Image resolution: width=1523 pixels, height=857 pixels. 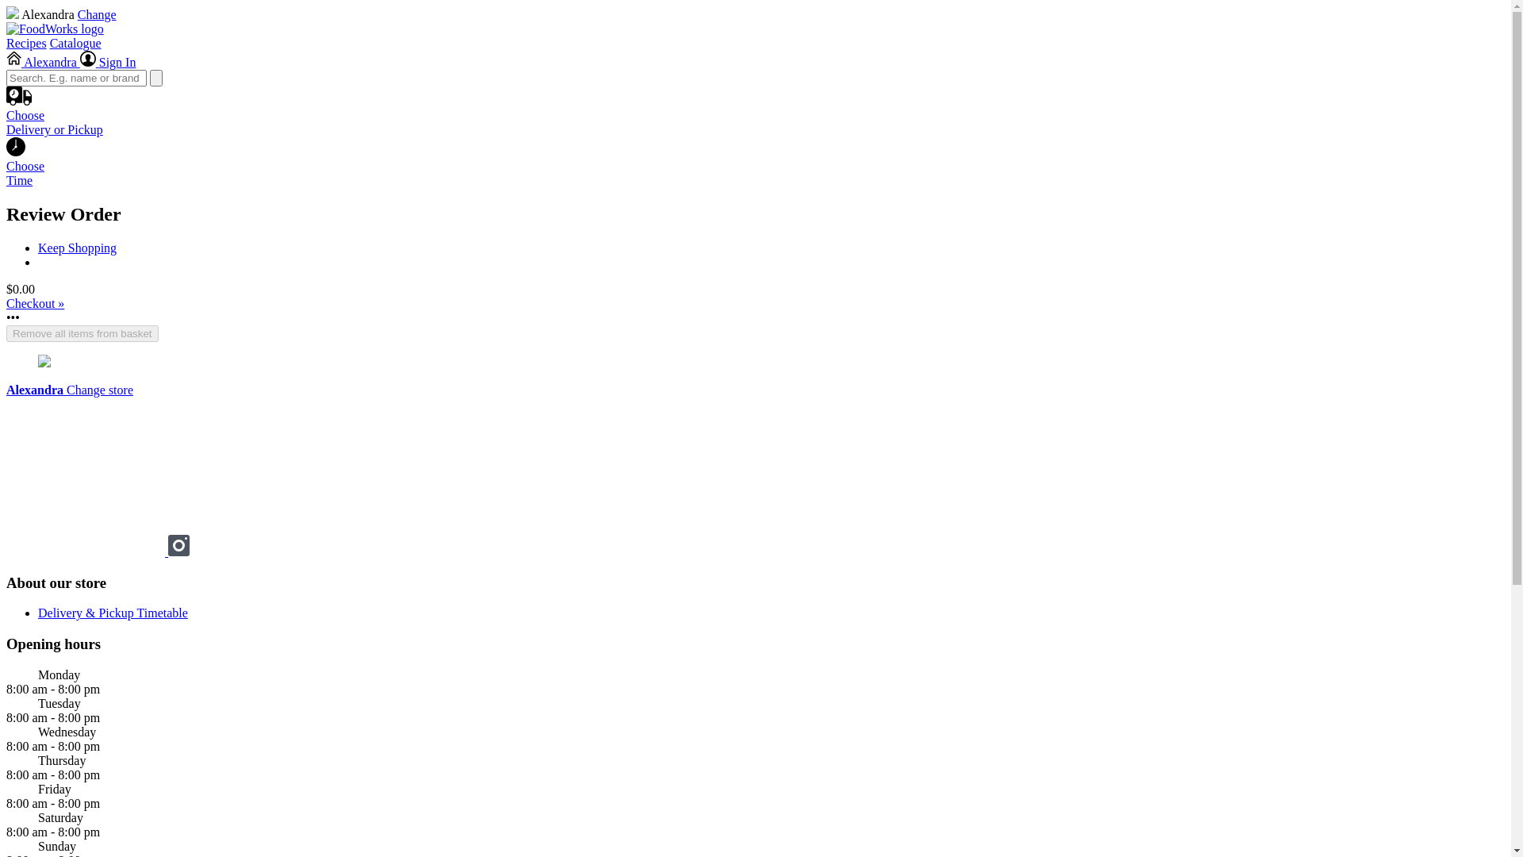 What do you see at coordinates (82, 332) in the screenshot?
I see `'Remove all items from basket'` at bounding box center [82, 332].